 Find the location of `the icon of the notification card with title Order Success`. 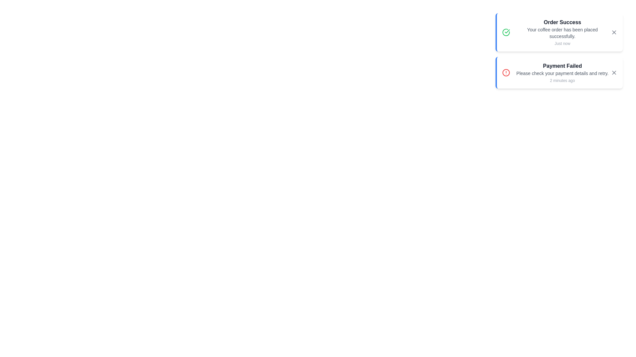

the icon of the notification card with title Order Success is located at coordinates (505, 32).